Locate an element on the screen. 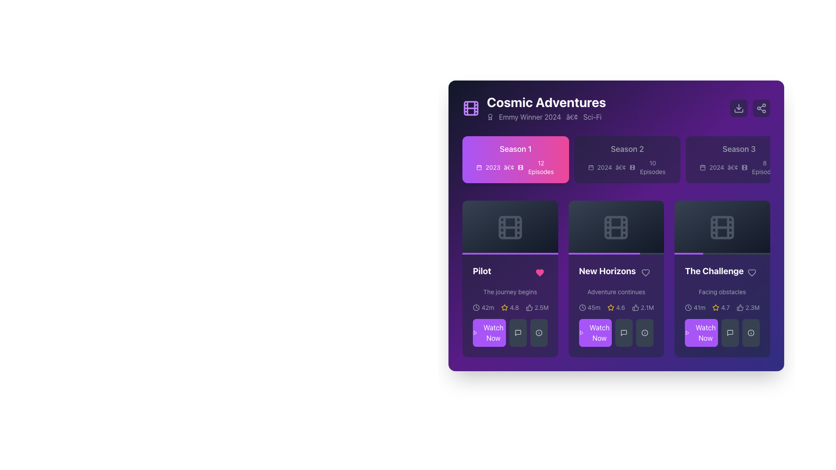 This screenshot has width=836, height=470. the heart icon button located in the 'Pilot' card is located at coordinates (646, 272).